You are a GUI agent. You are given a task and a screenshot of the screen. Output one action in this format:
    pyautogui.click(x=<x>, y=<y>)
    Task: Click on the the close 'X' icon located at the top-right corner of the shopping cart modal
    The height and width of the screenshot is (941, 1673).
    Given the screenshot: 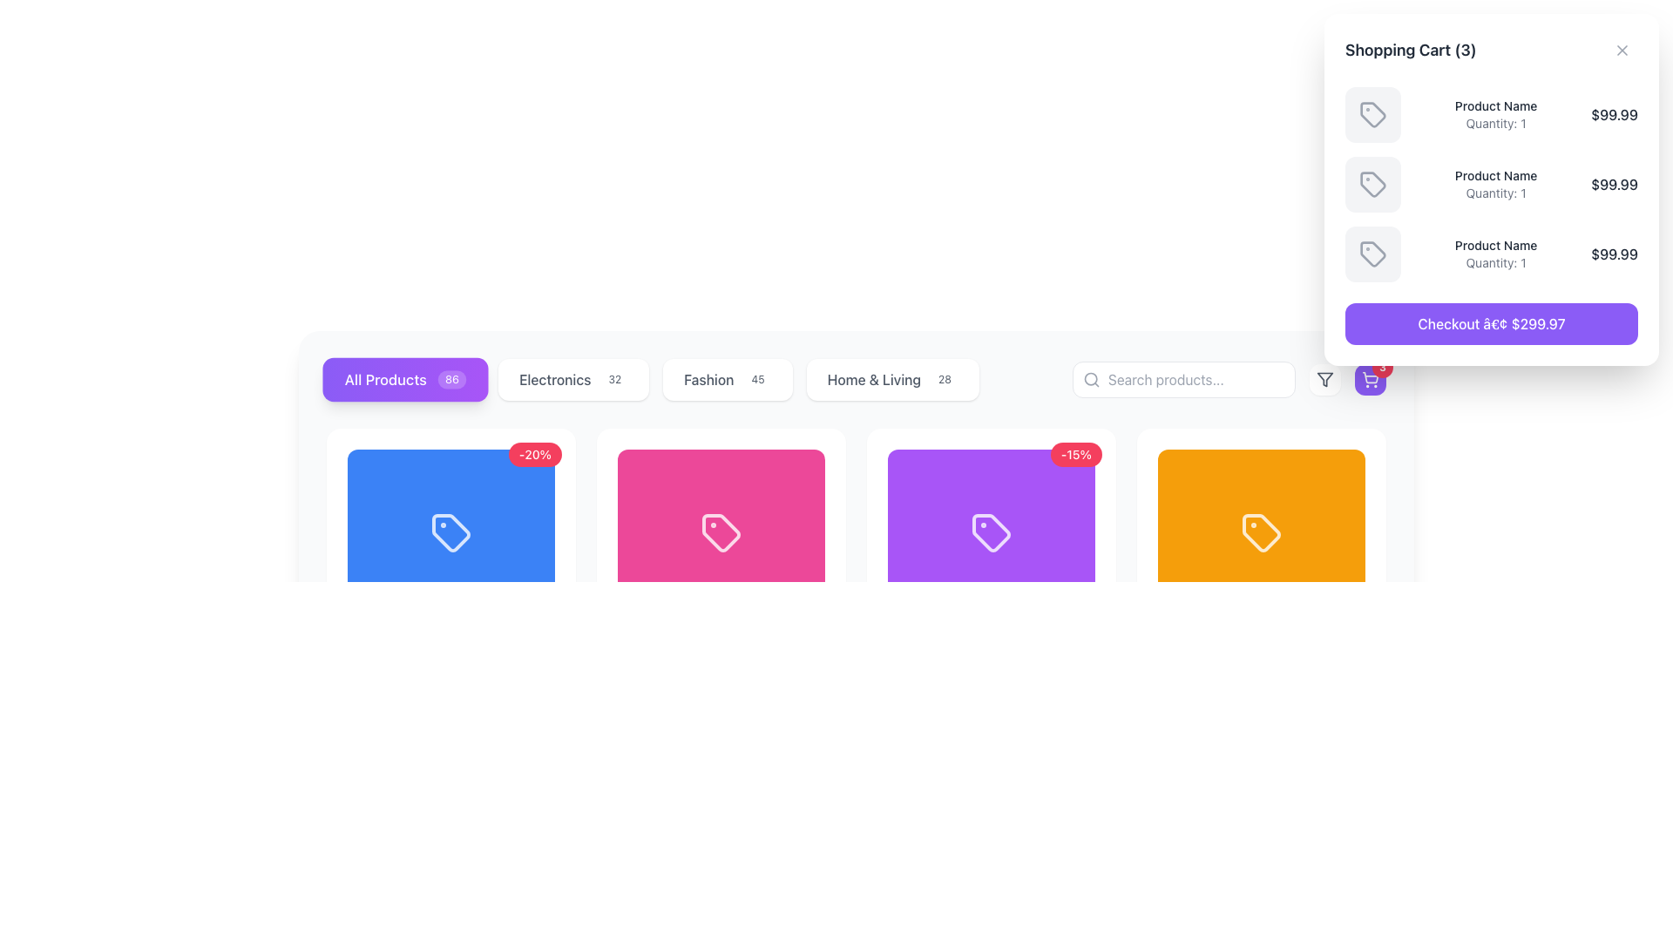 What is the action you would take?
    pyautogui.click(x=1622, y=49)
    